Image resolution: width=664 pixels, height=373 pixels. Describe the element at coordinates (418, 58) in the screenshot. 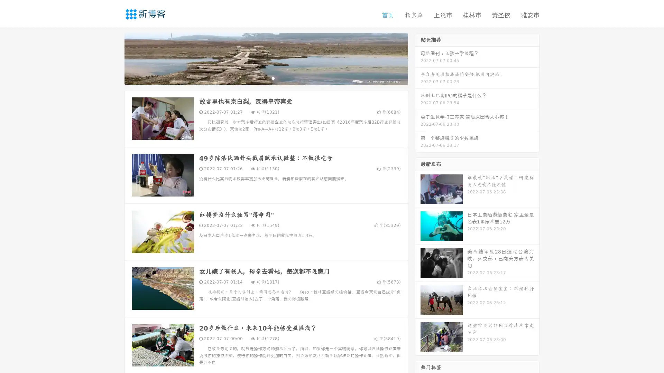

I see `Next slide` at that location.